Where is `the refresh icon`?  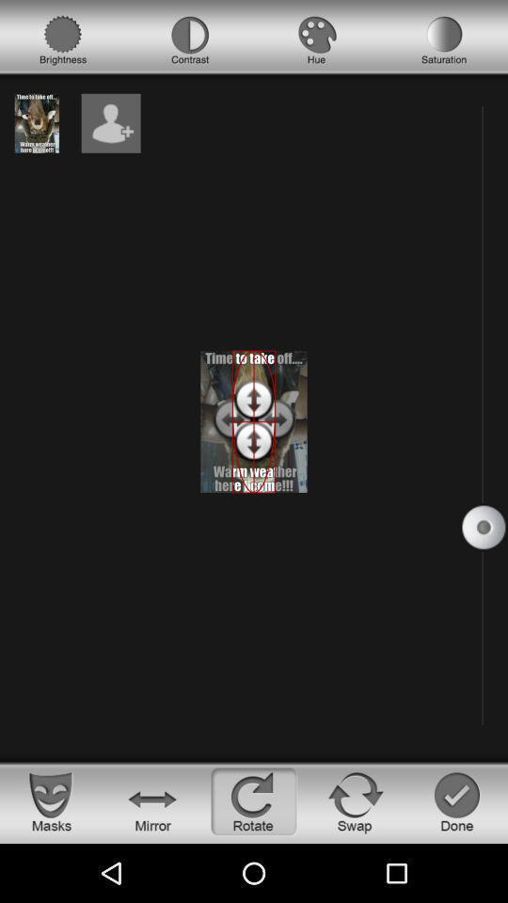 the refresh icon is located at coordinates (356, 800).